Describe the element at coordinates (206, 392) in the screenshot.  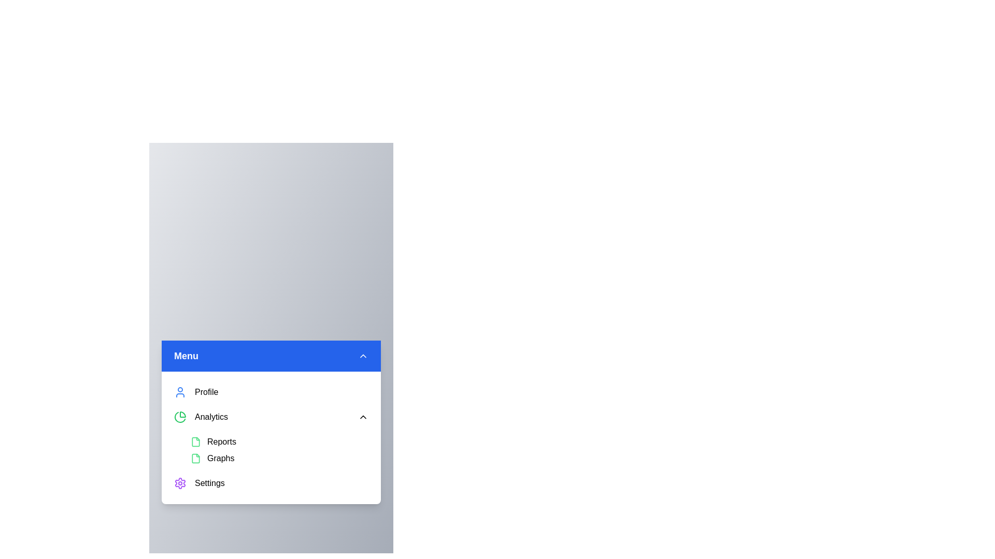
I see `the 'Profile' text label in the navigation menu, which is displayed in black font and positioned to the right of a blue user icon` at that location.